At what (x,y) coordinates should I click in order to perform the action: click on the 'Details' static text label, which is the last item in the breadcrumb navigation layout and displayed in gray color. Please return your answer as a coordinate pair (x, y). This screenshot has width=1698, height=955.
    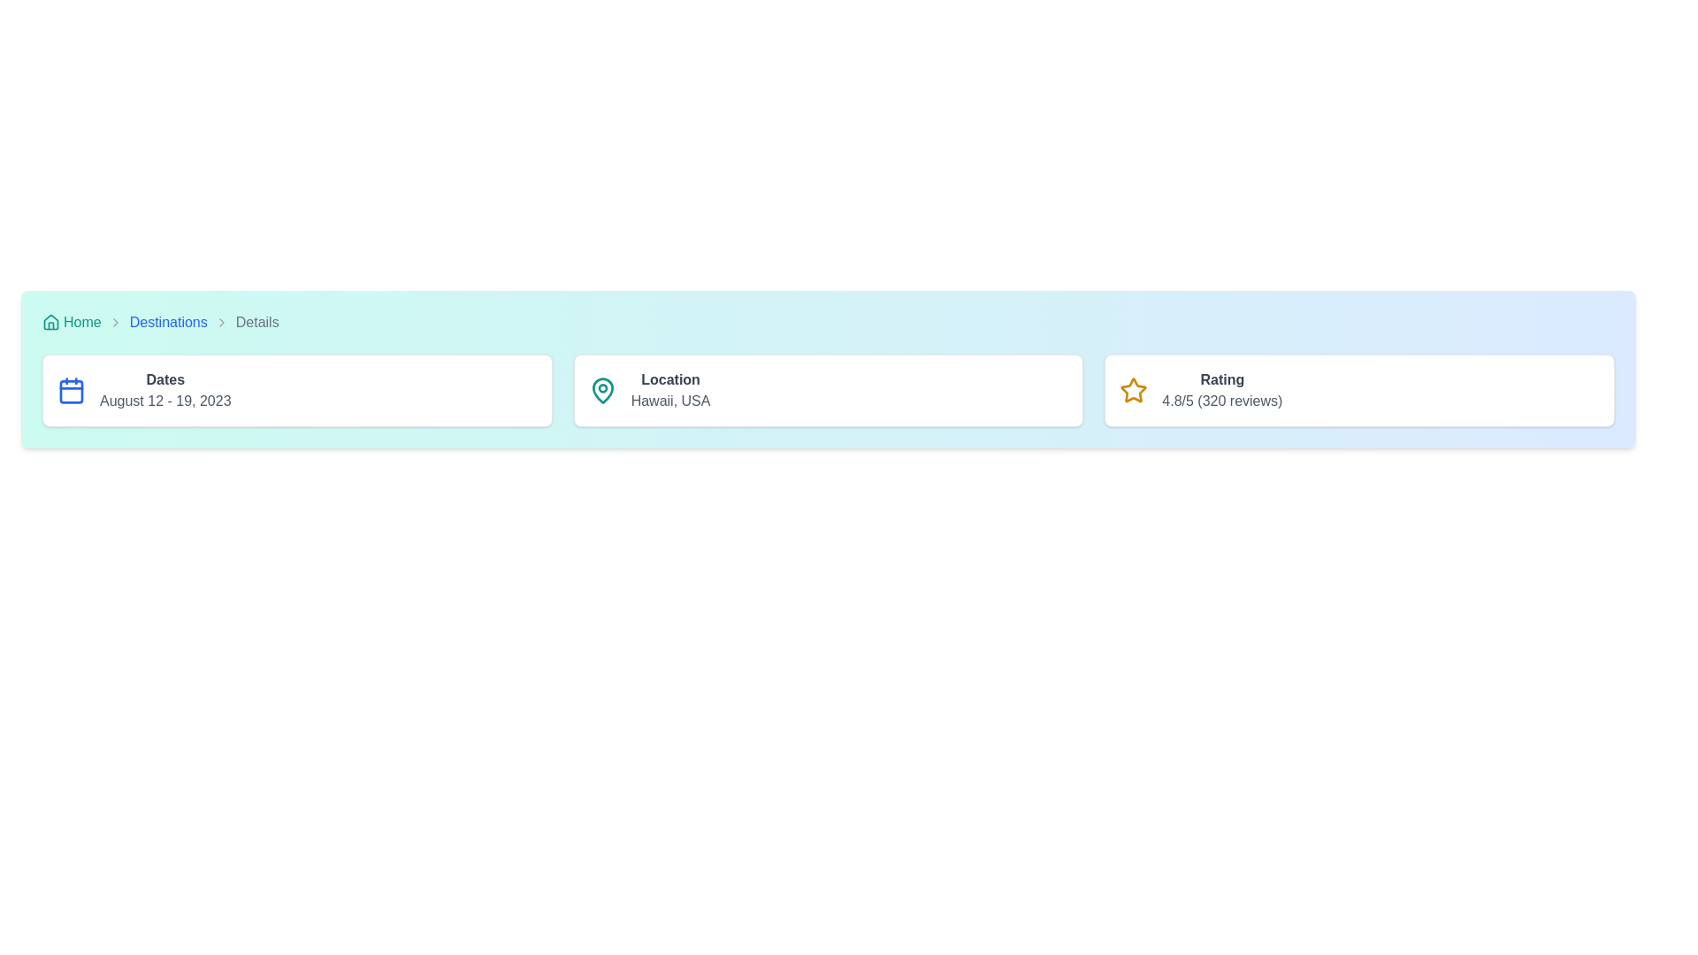
    Looking at the image, I should click on (256, 323).